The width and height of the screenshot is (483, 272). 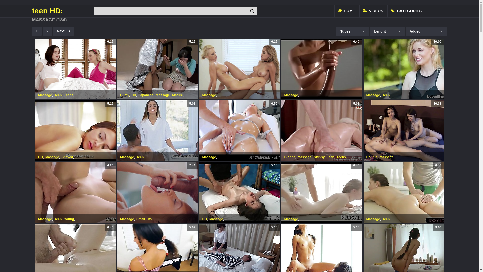 I want to click on 'Massage', so click(x=38, y=95).